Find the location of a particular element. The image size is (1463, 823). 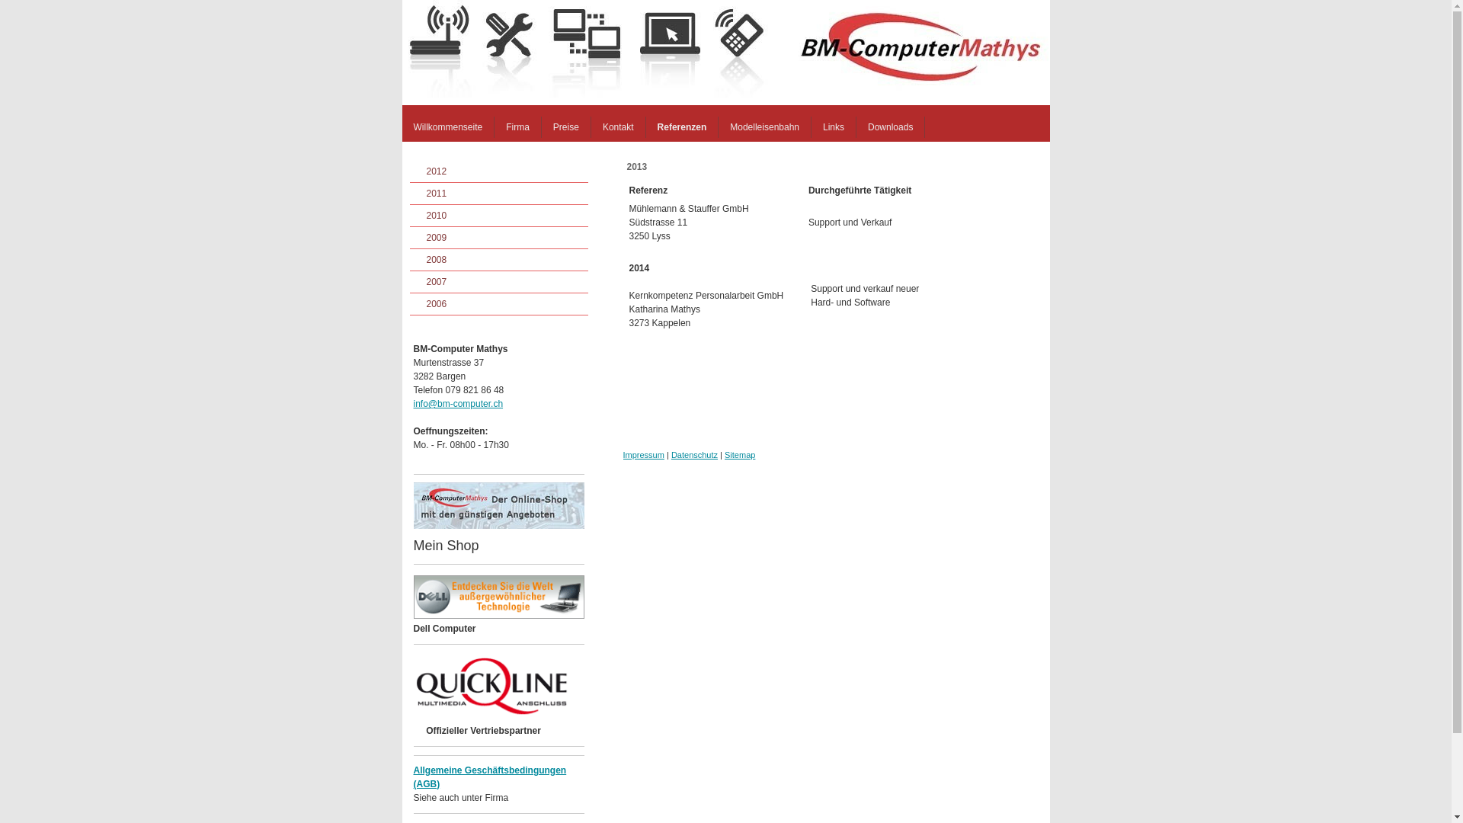

'Kontakt' is located at coordinates (618, 126).